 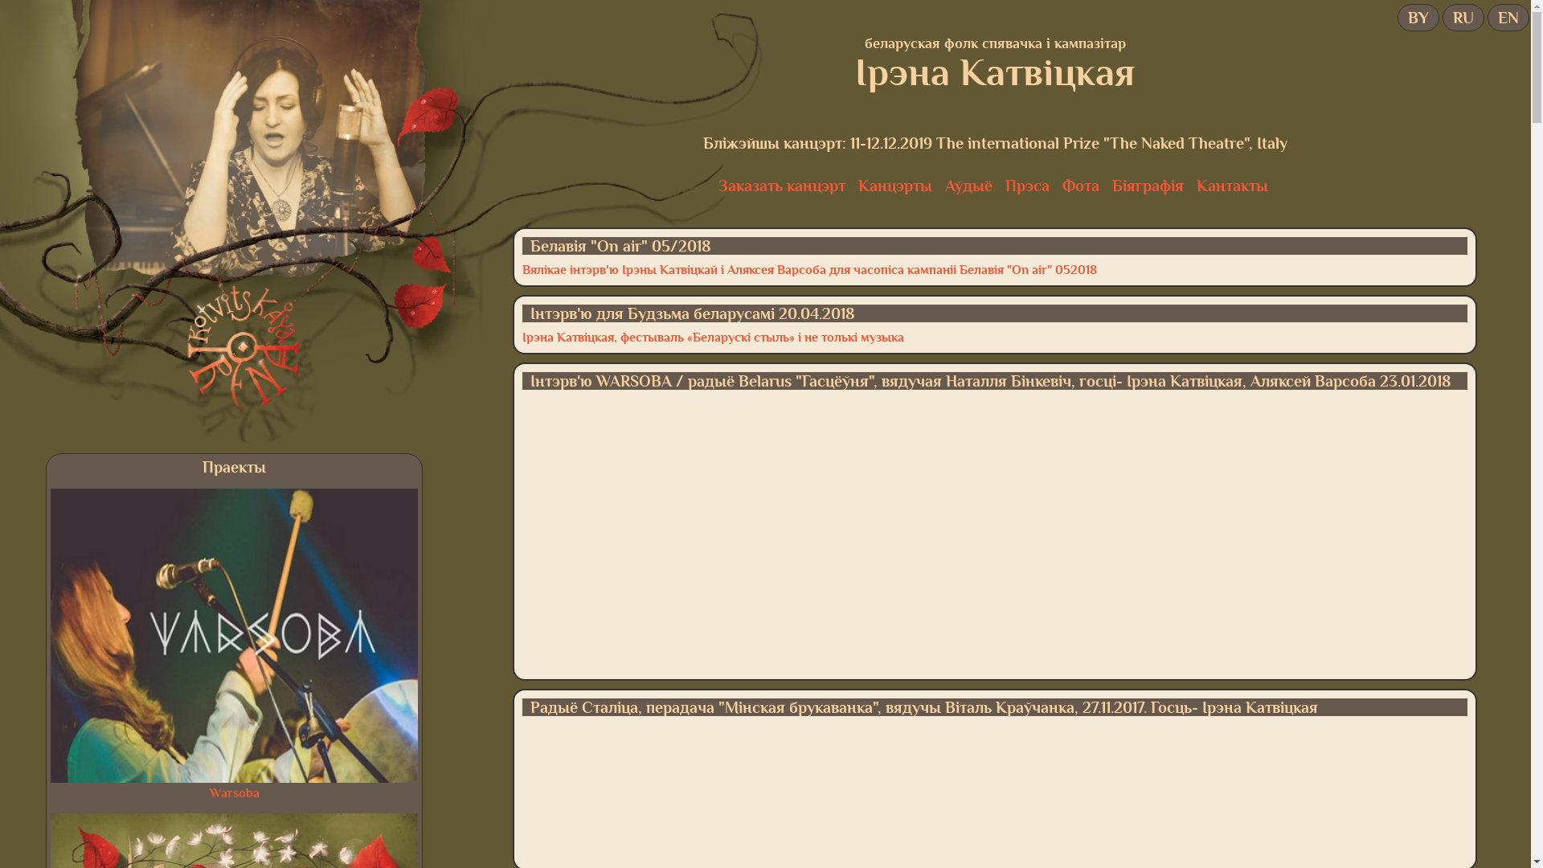 I want to click on 'EN', so click(x=1507, y=18).